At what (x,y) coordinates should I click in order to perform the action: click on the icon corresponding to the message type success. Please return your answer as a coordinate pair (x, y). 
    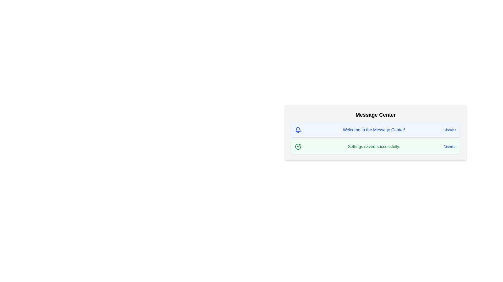
    Looking at the image, I should click on (298, 147).